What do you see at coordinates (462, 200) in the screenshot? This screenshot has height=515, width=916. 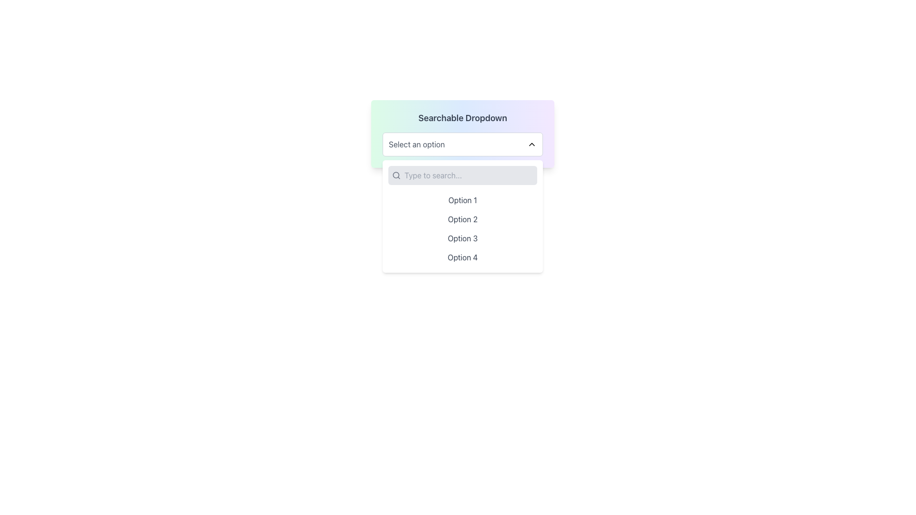 I see `the dropdown menu item labeled 'Option 1'` at bounding box center [462, 200].